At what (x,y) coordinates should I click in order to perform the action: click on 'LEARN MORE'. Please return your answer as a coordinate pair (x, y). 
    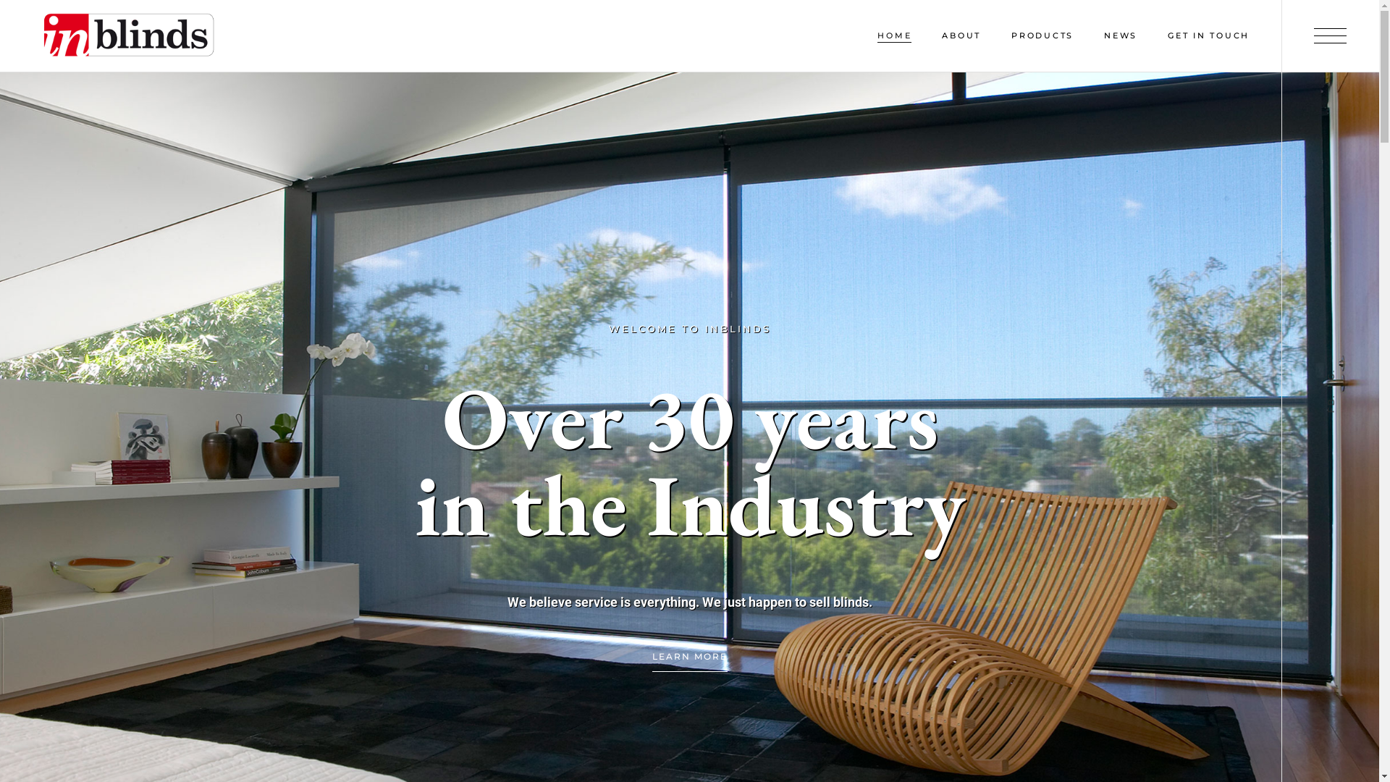
    Looking at the image, I should click on (688, 657).